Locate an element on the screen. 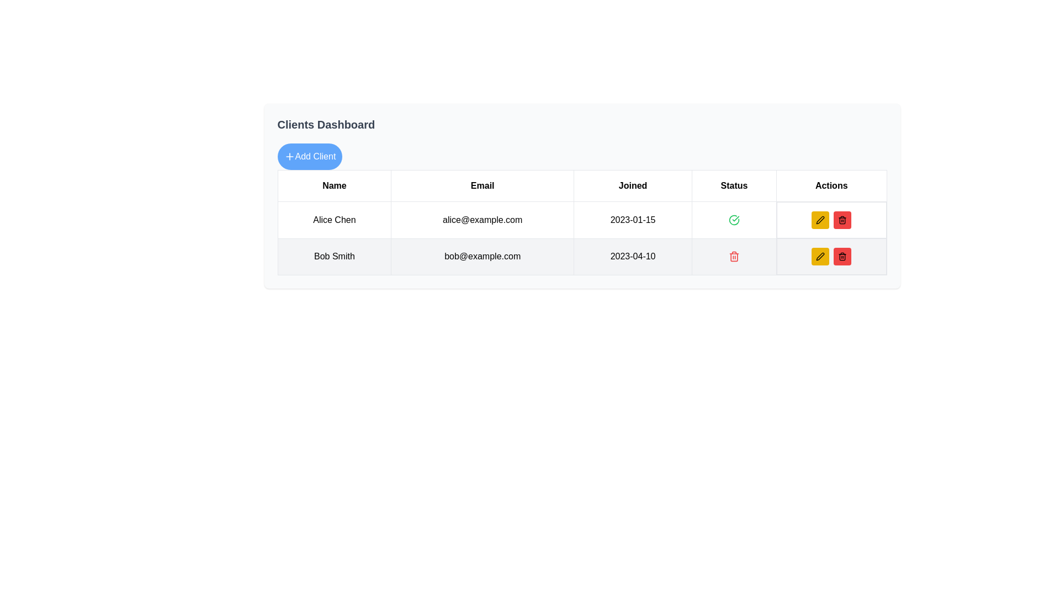  the trash can icon in the 'Actions' column of the user table for 'Bob Smith' is located at coordinates (842, 220).